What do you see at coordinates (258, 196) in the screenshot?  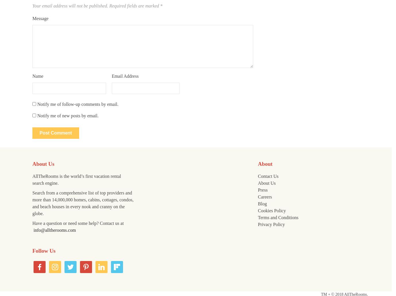 I see `'Careers'` at bounding box center [258, 196].